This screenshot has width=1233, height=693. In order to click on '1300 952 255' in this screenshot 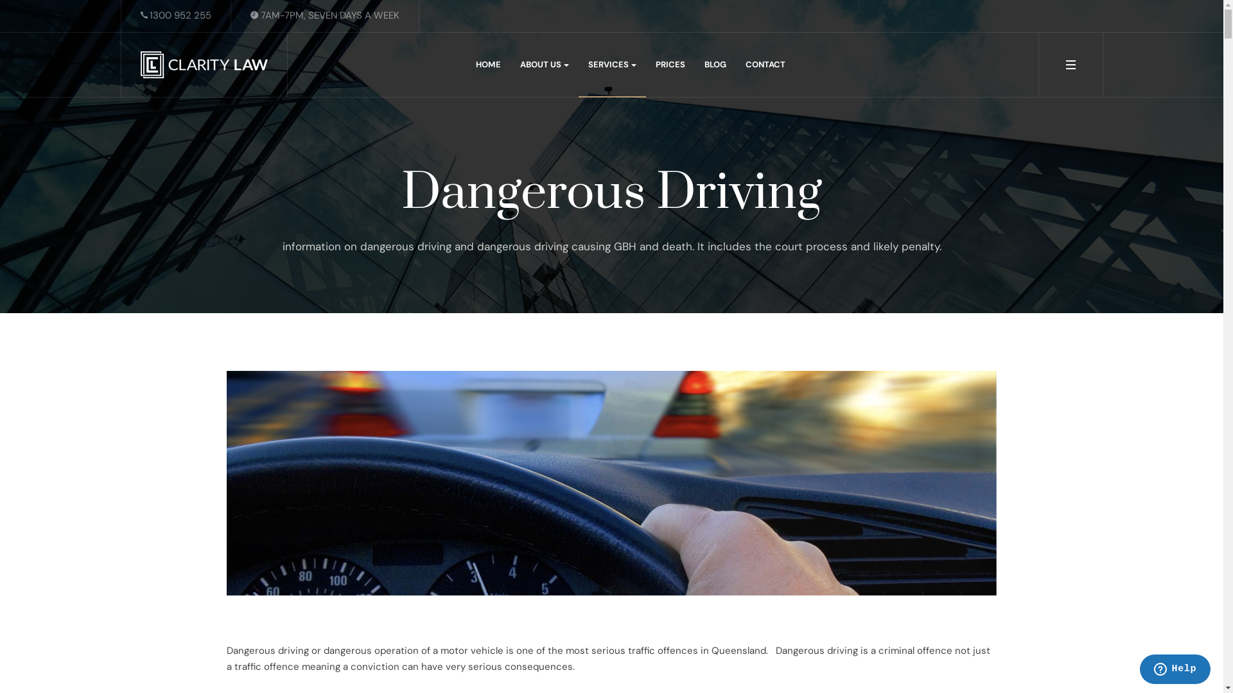, I will do `click(175, 15)`.